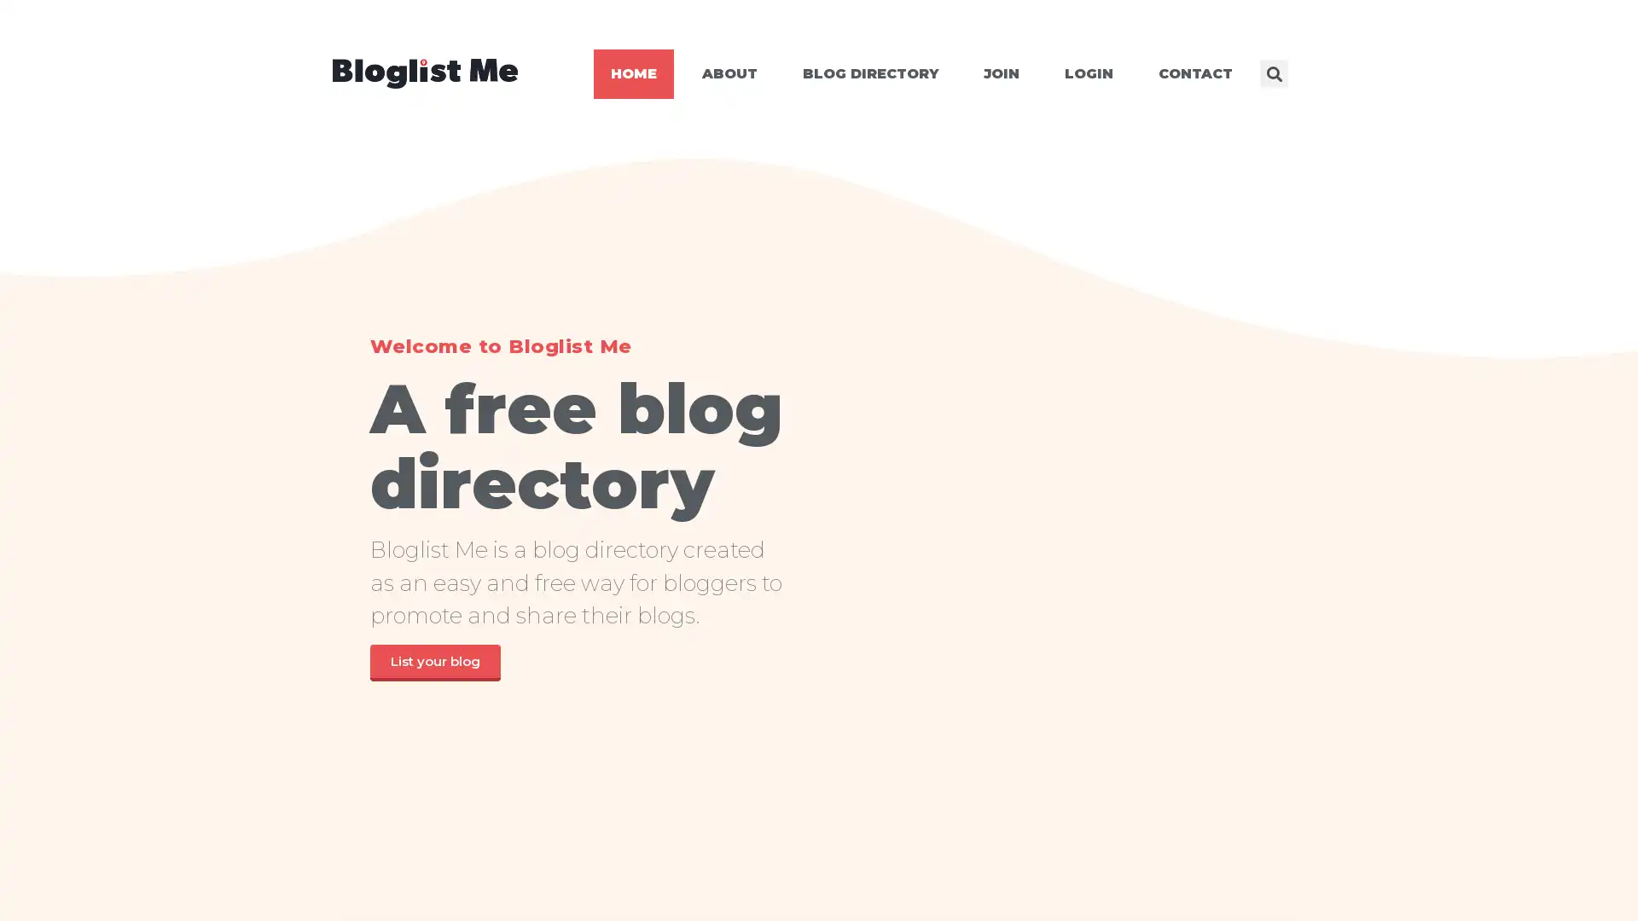  Describe the element at coordinates (434, 661) in the screenshot. I see `List your blog` at that location.